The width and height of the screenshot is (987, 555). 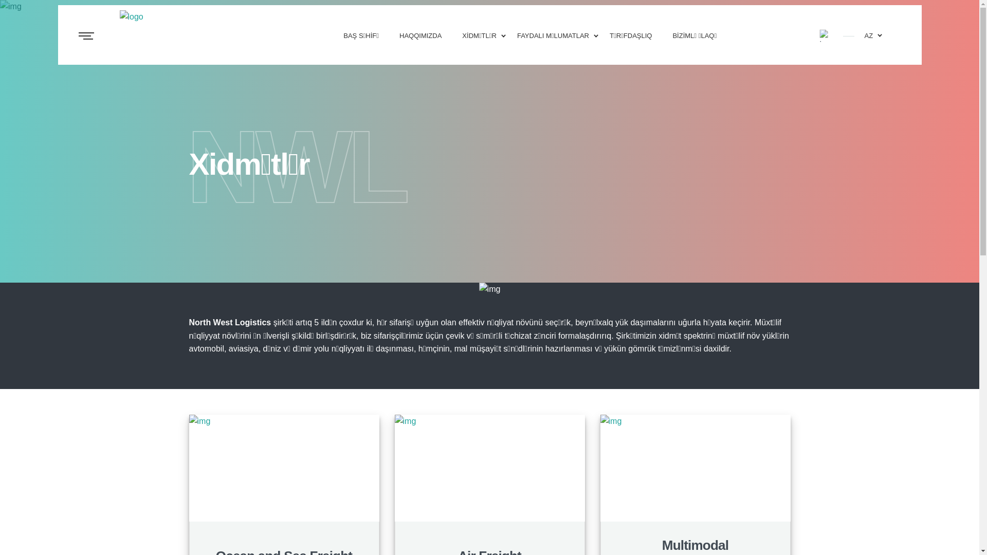 I want to click on 'HAQQIMIZDA', so click(x=420, y=34).